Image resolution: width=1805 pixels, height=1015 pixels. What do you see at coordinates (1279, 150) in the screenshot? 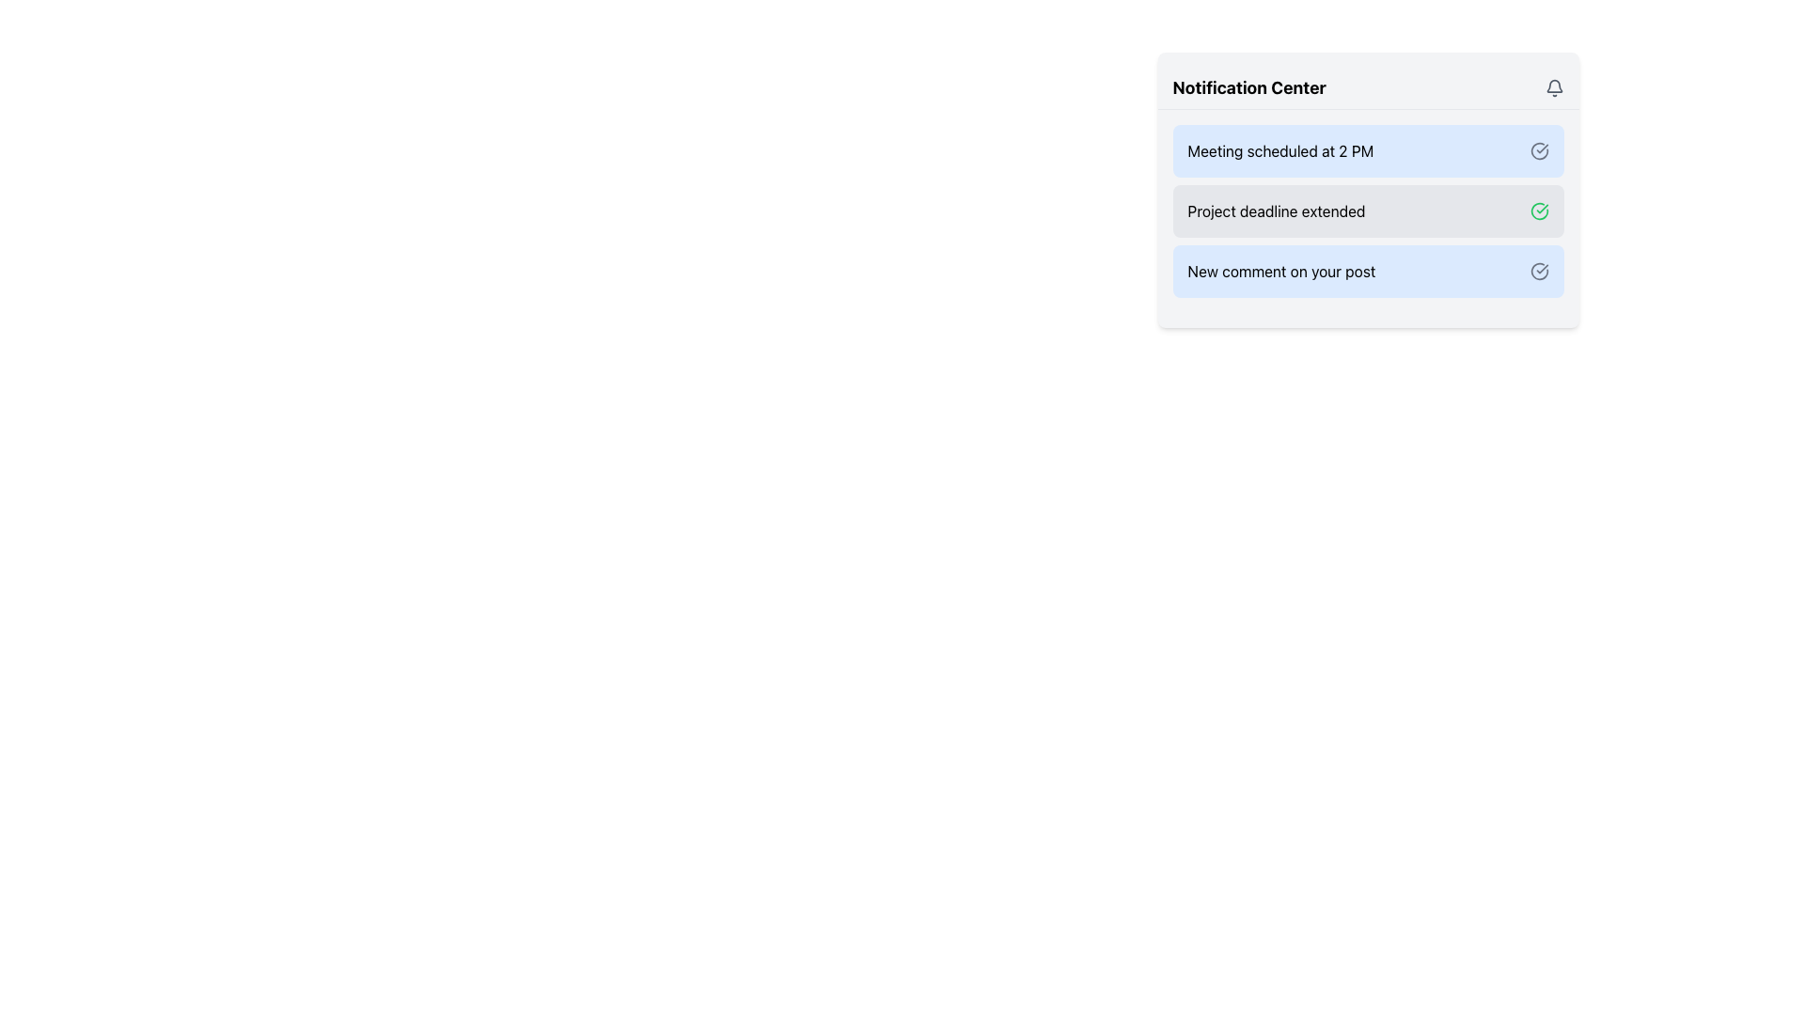
I see `the static text label displaying 'Meeting scheduled at 2 PM' in the blue notification card within the Notification Center` at bounding box center [1279, 150].